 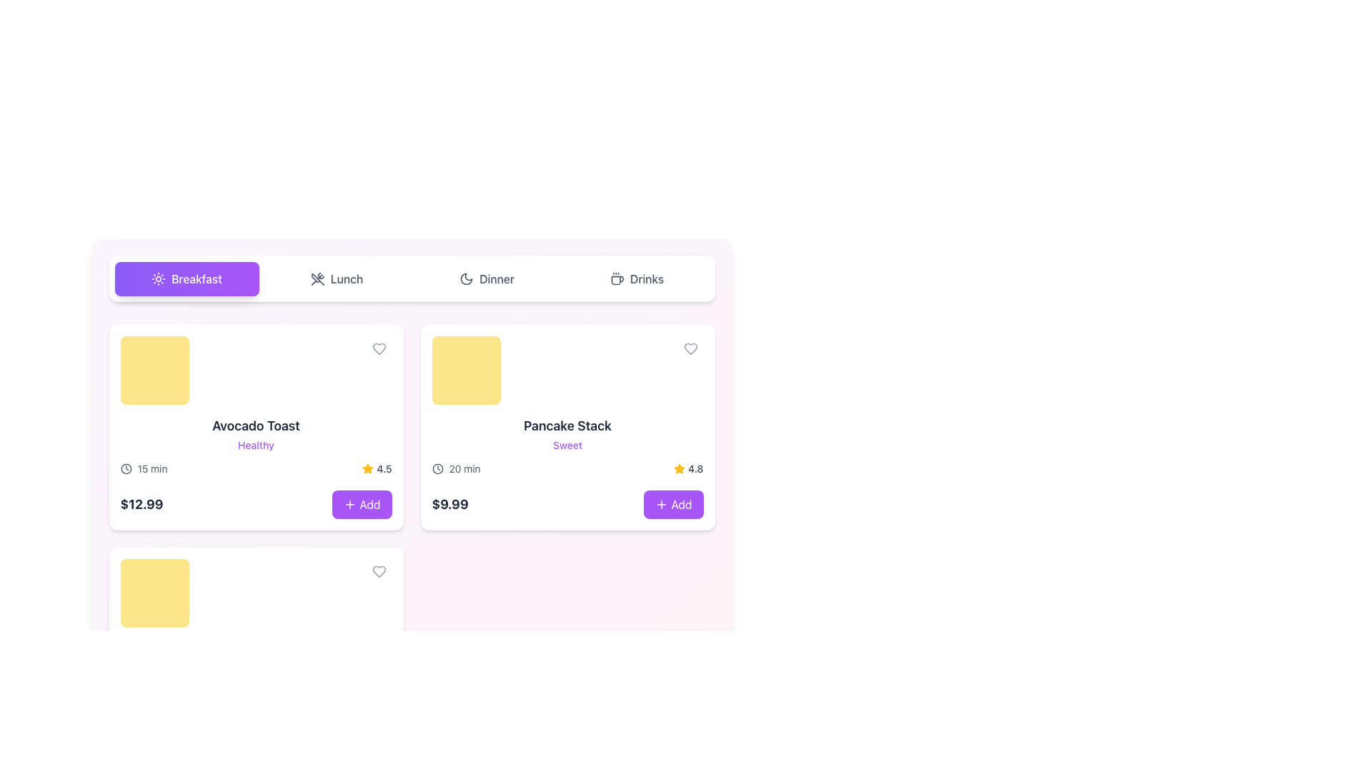 What do you see at coordinates (362, 503) in the screenshot?
I see `the '+ Add' button with a purple background and white text, located at the bottom right corner of the 'Avocado Toast' card` at bounding box center [362, 503].